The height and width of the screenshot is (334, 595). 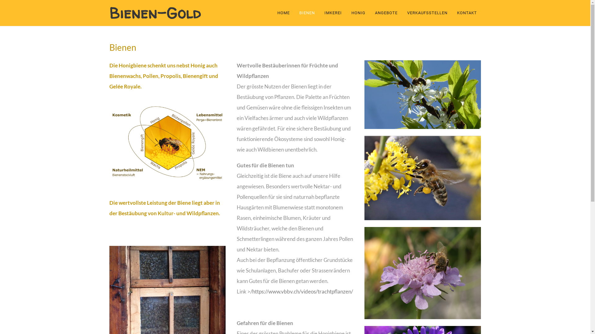 What do you see at coordinates (302, 291) in the screenshot?
I see `'https://www.vbbv.ch/videos/trachtpflanzen/'` at bounding box center [302, 291].